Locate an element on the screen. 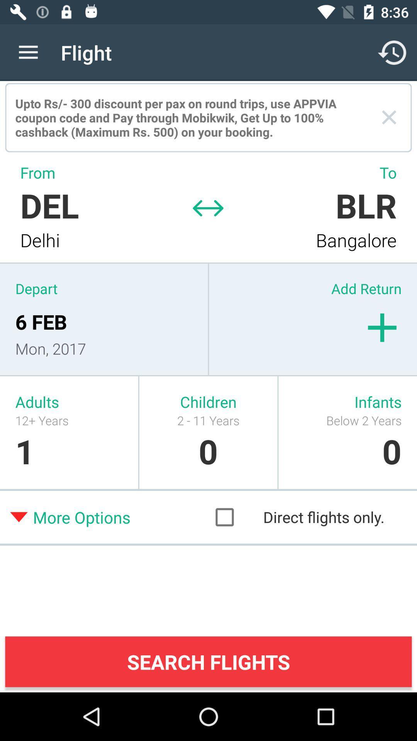  the add icon is located at coordinates (382, 328).